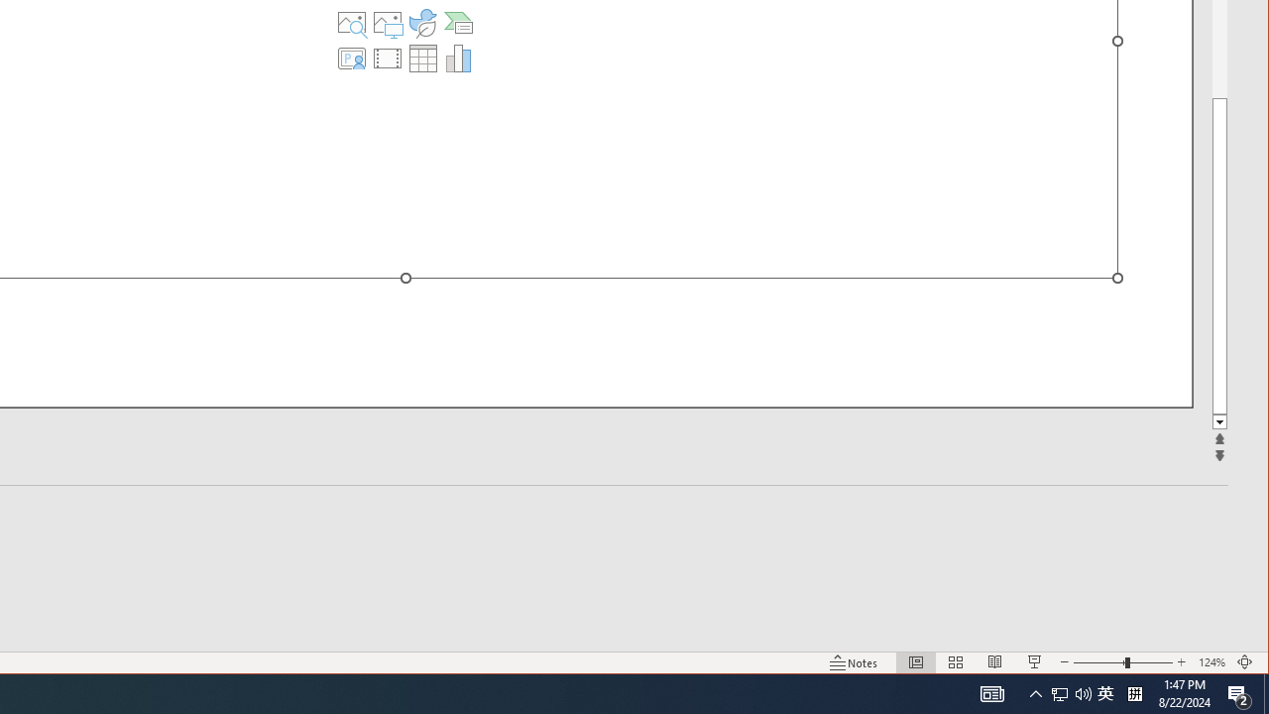 This screenshot has height=714, width=1269. What do you see at coordinates (352, 58) in the screenshot?
I see `'Insert Cameo'` at bounding box center [352, 58].